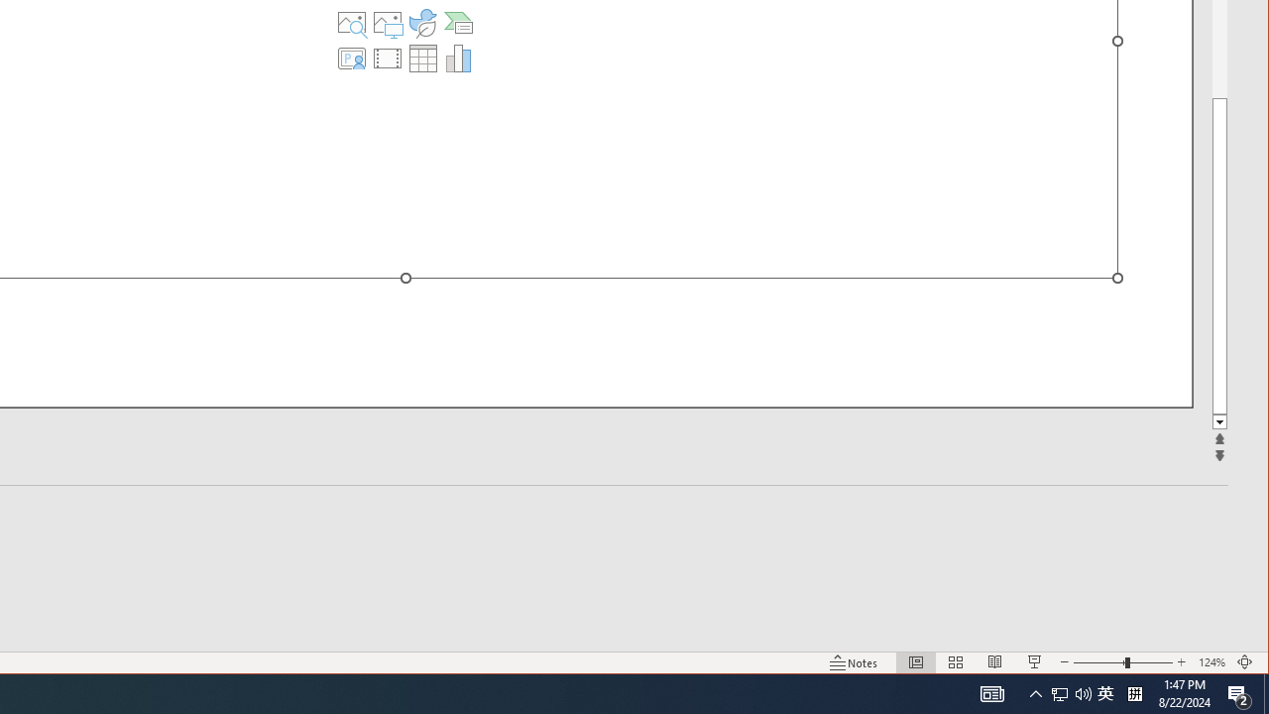 This screenshot has height=714, width=1269. What do you see at coordinates (352, 58) in the screenshot?
I see `'Insert Cameo'` at bounding box center [352, 58].